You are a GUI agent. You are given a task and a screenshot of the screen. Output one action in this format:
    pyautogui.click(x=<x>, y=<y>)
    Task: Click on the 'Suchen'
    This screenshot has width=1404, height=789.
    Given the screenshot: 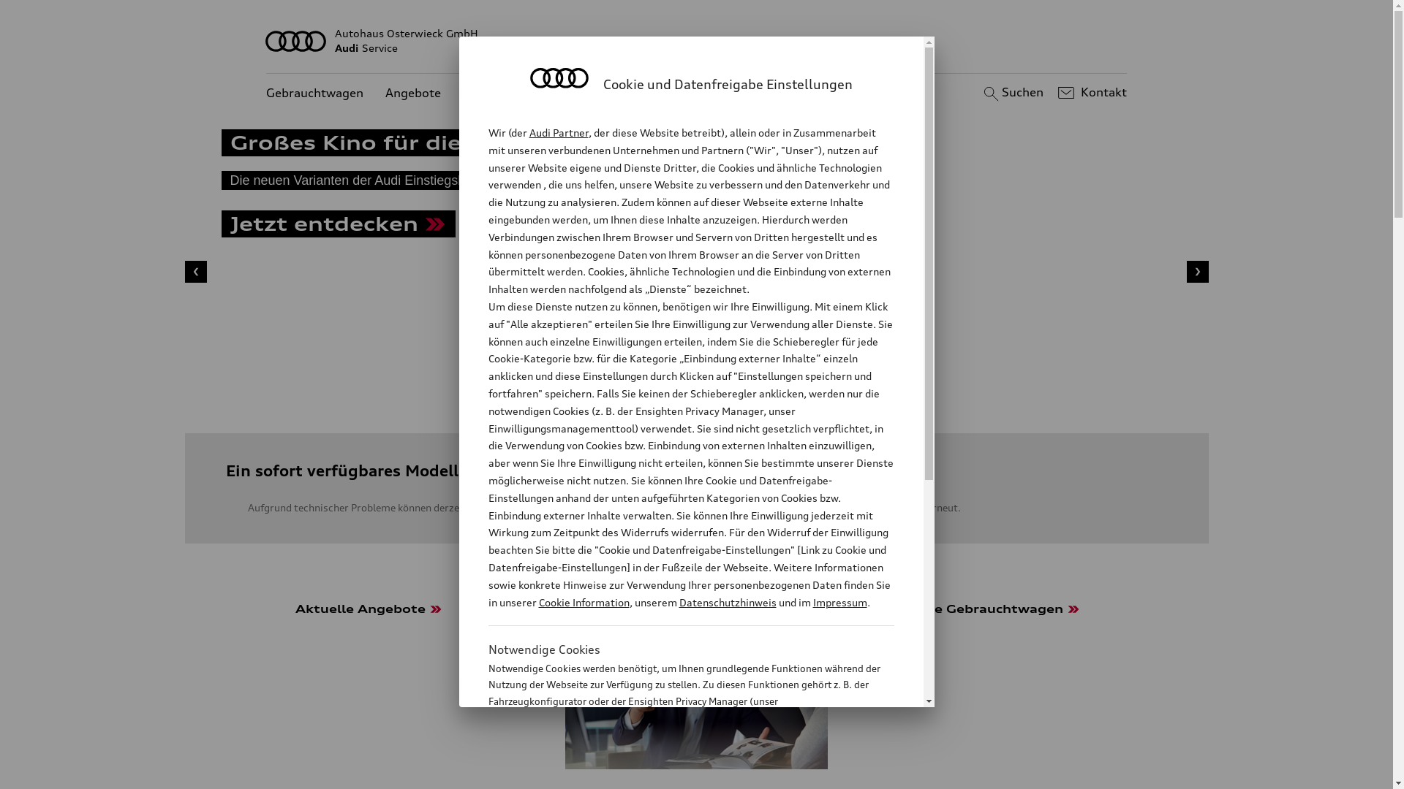 What is the action you would take?
    pyautogui.click(x=1011, y=93)
    